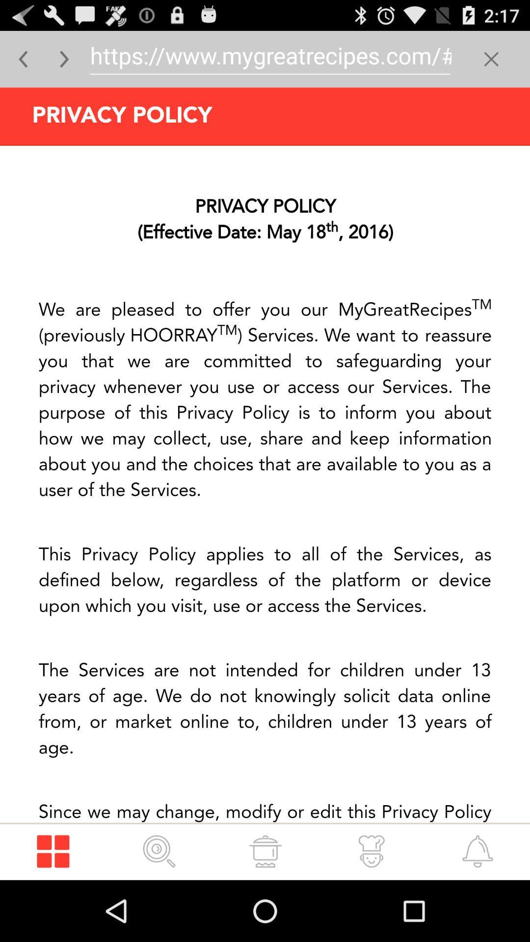 The height and width of the screenshot is (942, 530). I want to click on button, so click(491, 58).